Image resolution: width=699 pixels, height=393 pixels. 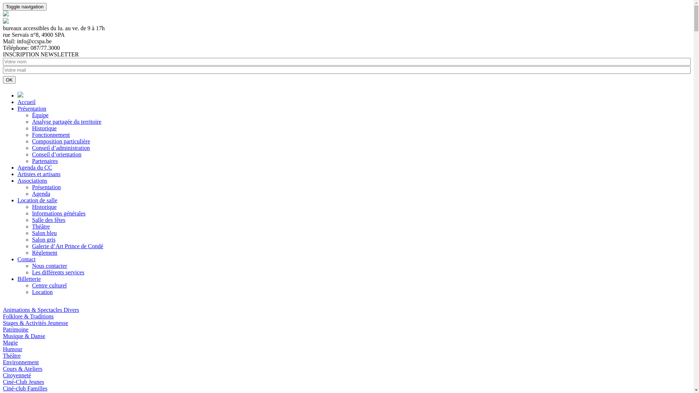 What do you see at coordinates (26, 259) in the screenshot?
I see `'Contact'` at bounding box center [26, 259].